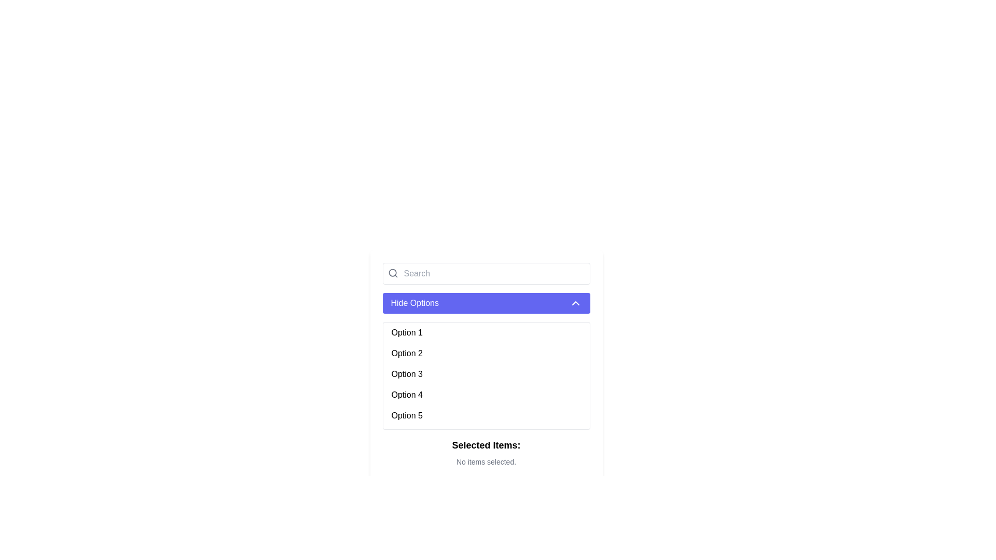 The image size is (996, 560). Describe the element at coordinates (486, 445) in the screenshot. I see `the Text label that serves as a header for the section displaying selected items, which is positioned above the sibling element containing the text 'No items selected.'` at that location.